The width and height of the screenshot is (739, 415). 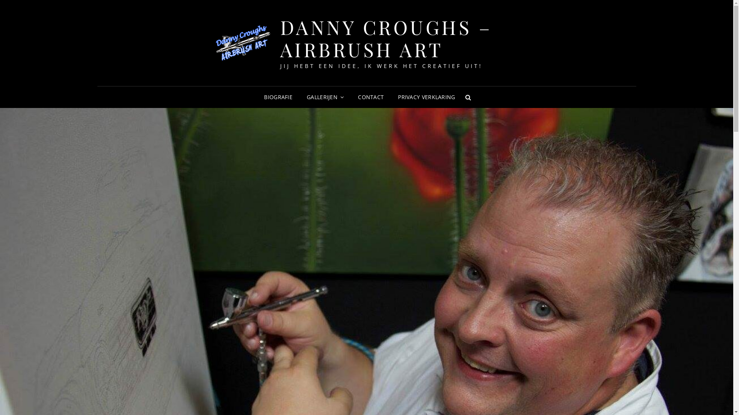 I want to click on 'CONTACT', so click(x=371, y=97).